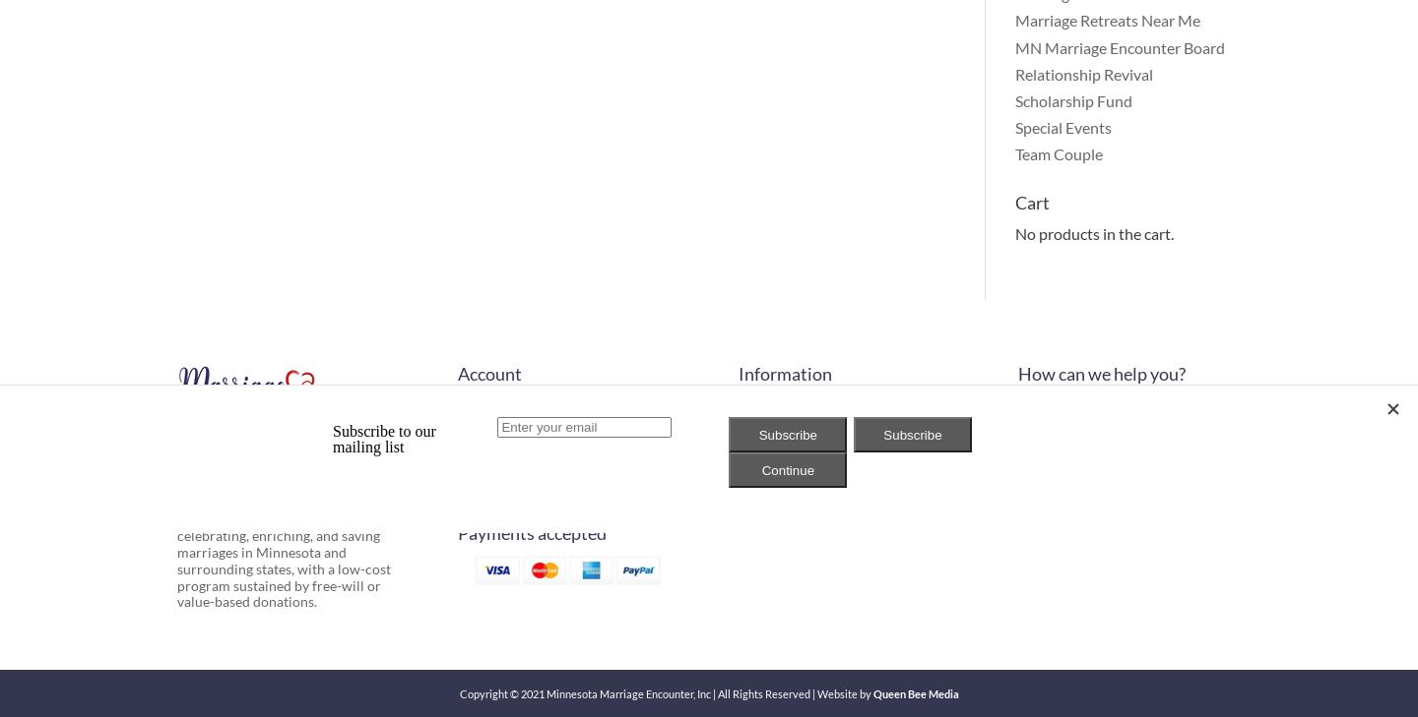  What do you see at coordinates (1082, 495) in the screenshot?
I see `'Stillwater, MN 55082'` at bounding box center [1082, 495].